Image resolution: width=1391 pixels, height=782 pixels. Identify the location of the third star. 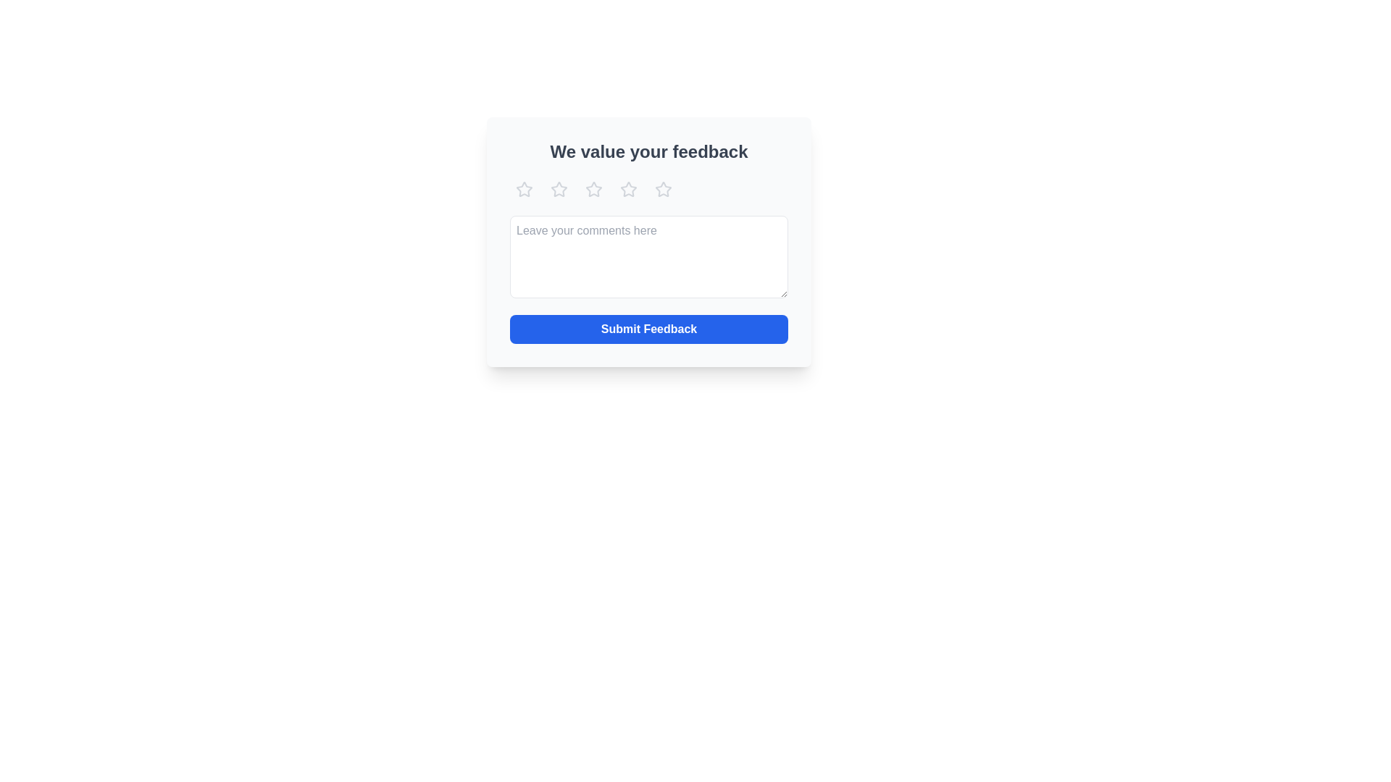
(629, 189).